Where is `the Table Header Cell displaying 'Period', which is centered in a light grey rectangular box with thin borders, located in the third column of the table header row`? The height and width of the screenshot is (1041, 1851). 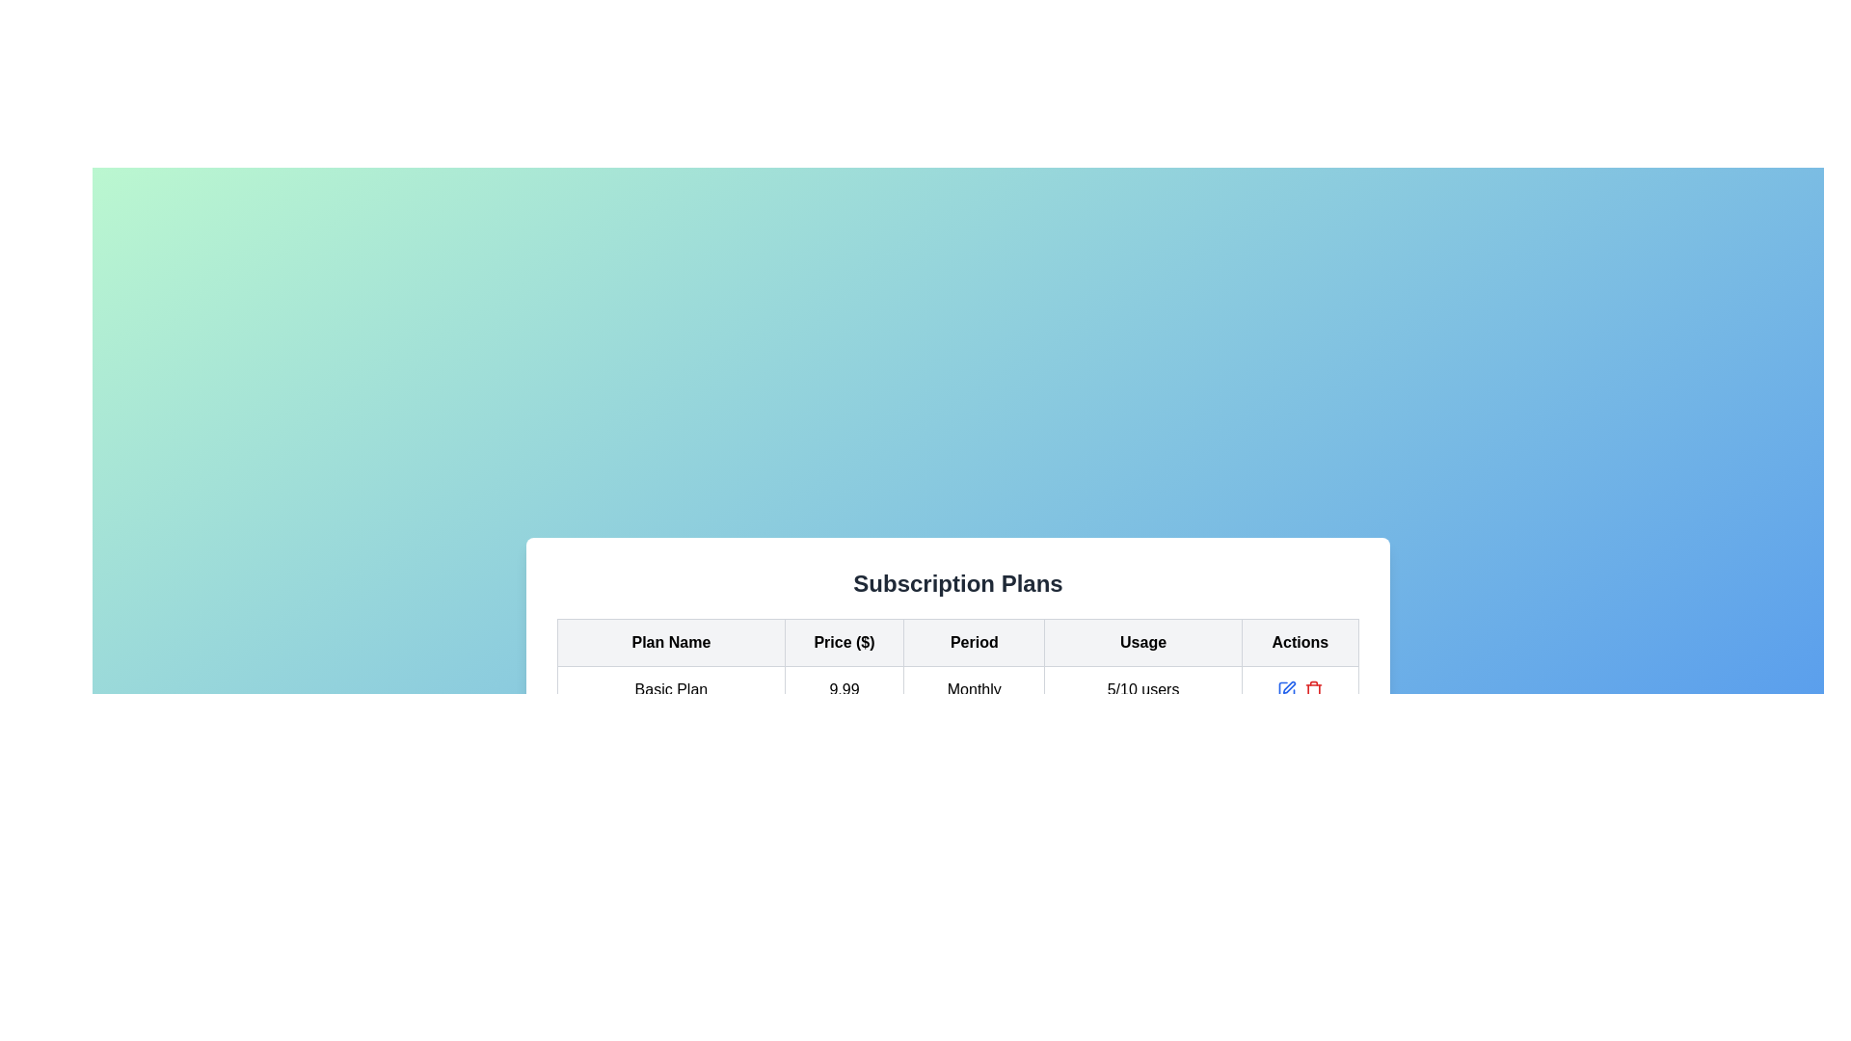 the Table Header Cell displaying 'Period', which is centered in a light grey rectangular box with thin borders, located in the third column of the table header row is located at coordinates (974, 642).